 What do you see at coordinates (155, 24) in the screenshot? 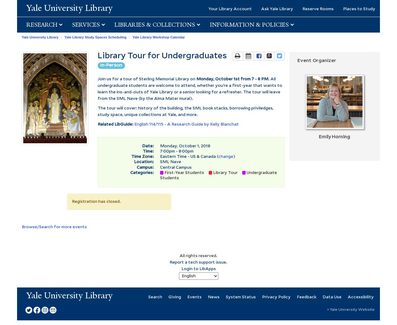
I see `'LIBRARIES & COLLECTIONS'` at bounding box center [155, 24].